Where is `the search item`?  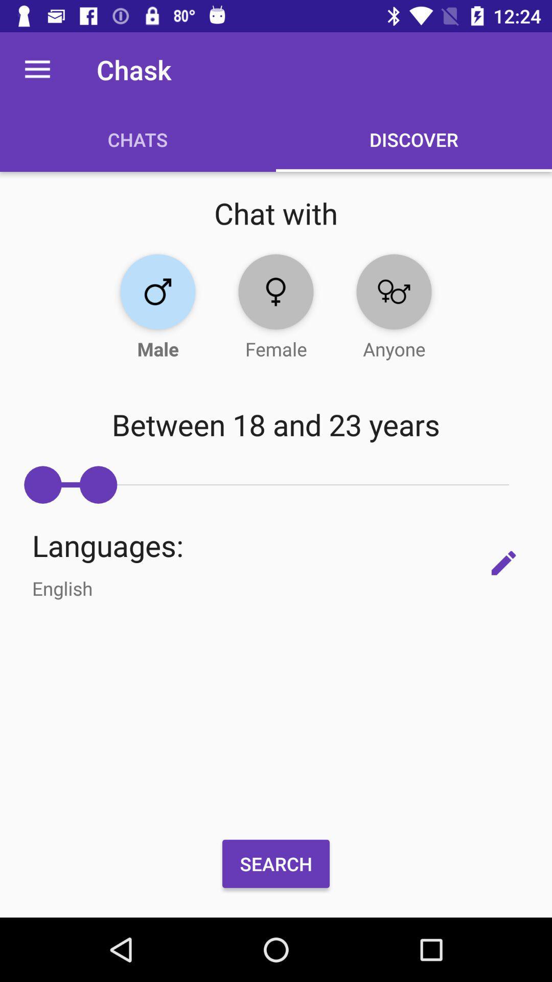
the search item is located at coordinates (276, 863).